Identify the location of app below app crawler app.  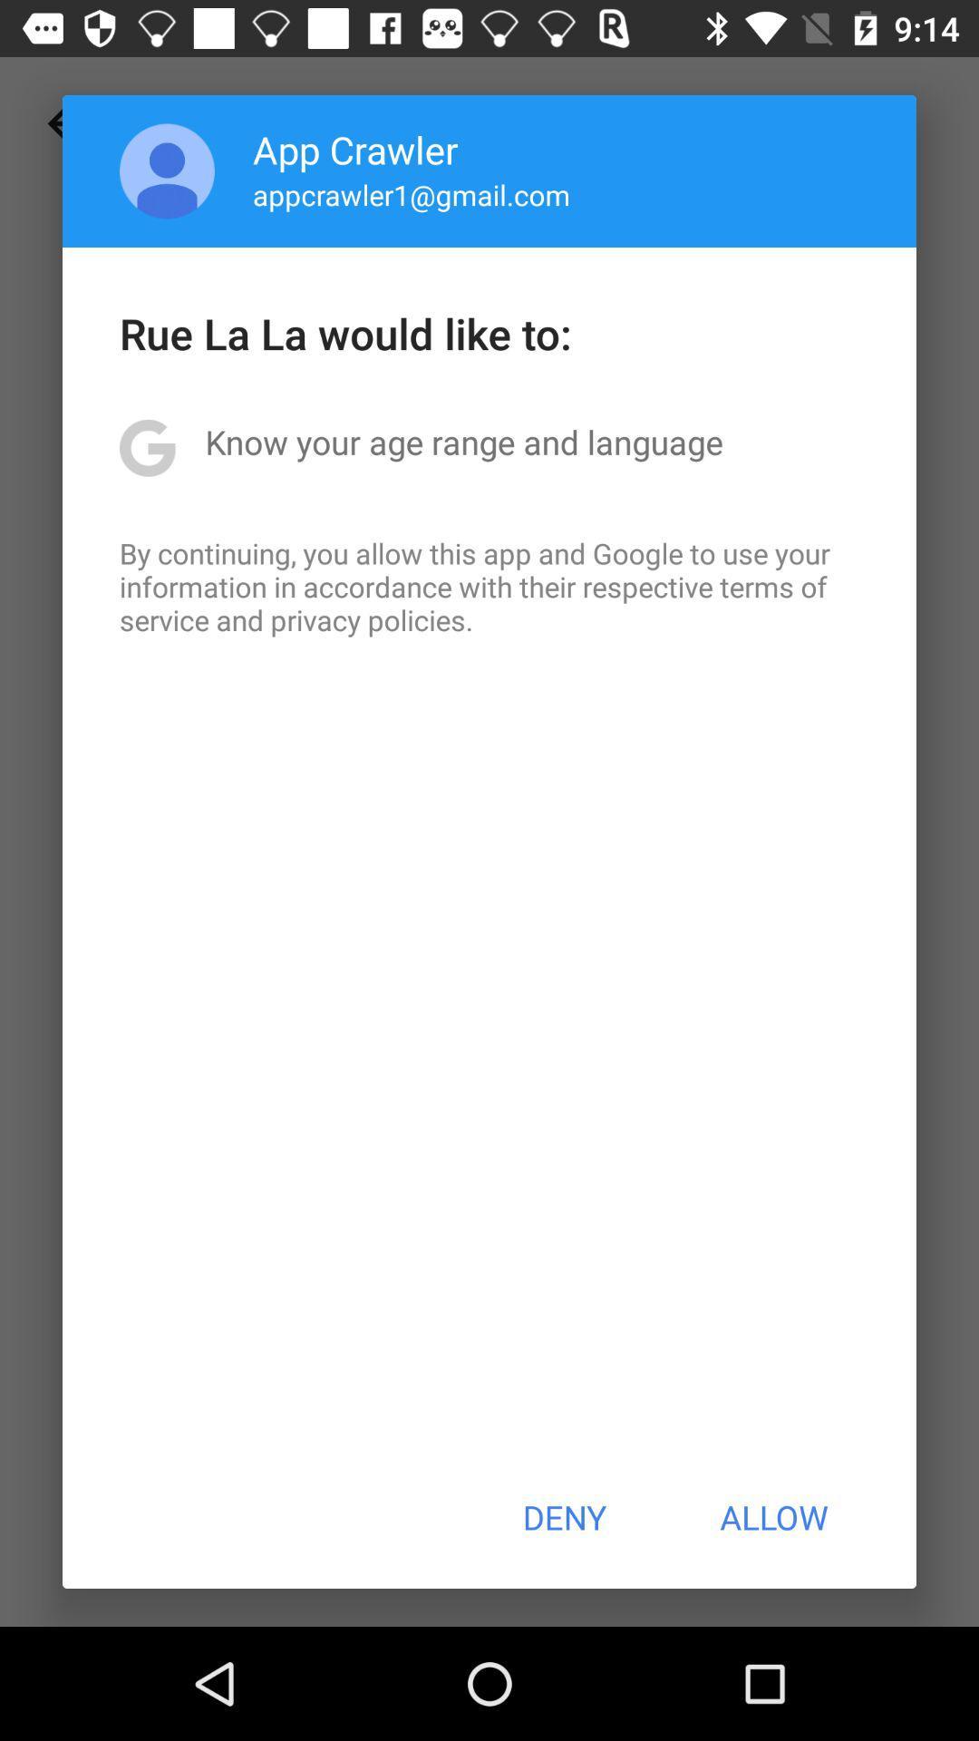
(412, 194).